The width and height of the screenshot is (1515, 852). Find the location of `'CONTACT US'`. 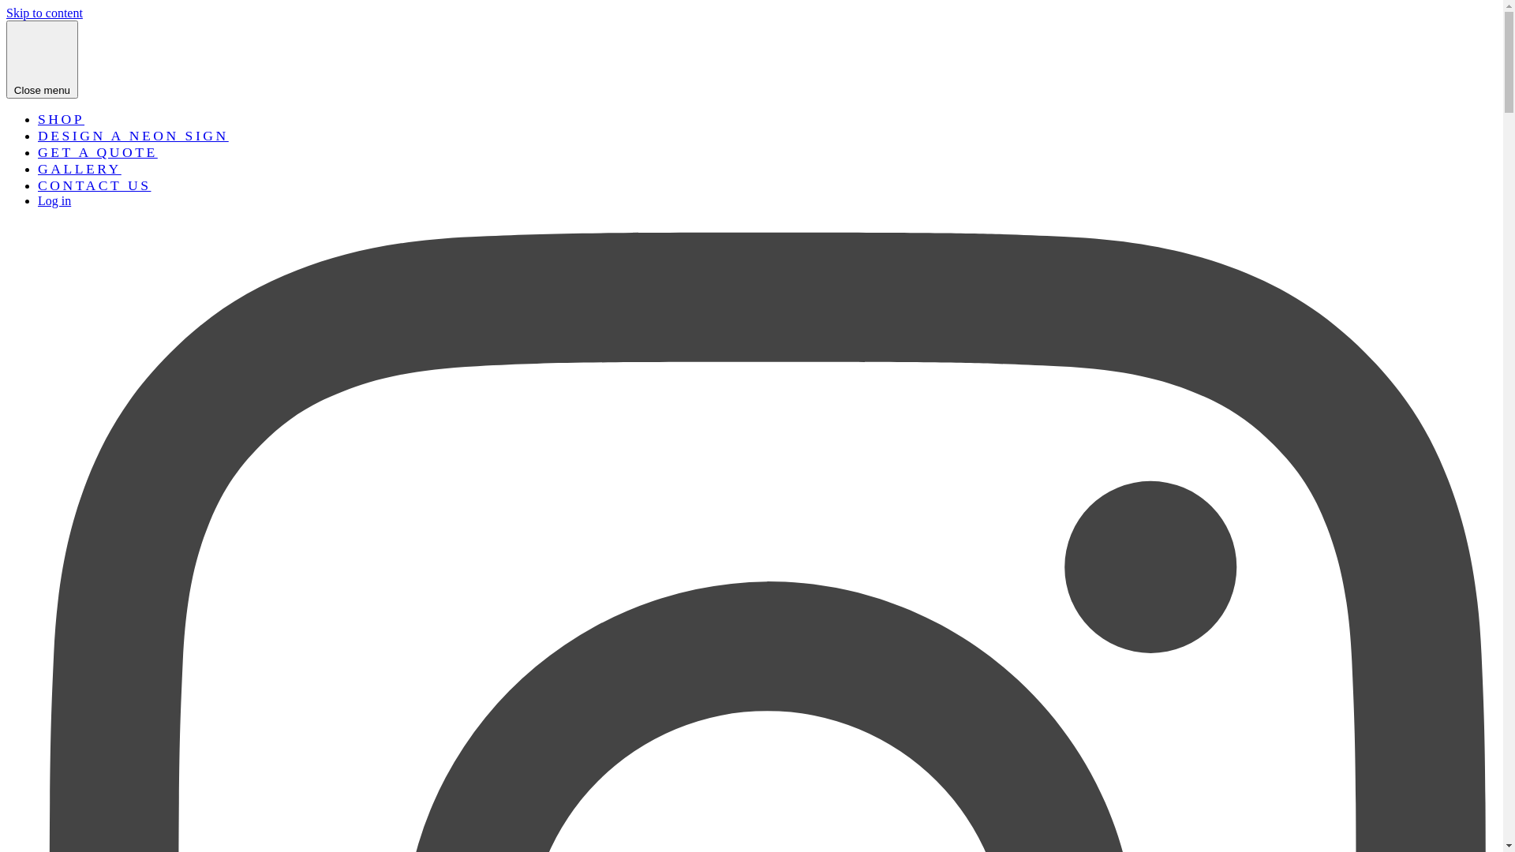

'CONTACT US' is located at coordinates (93, 185).